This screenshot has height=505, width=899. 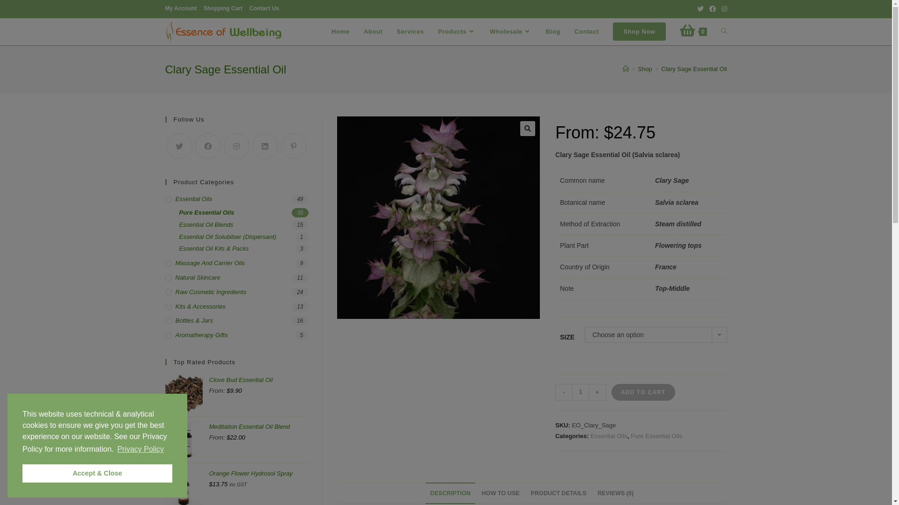 I want to click on 'Privacy Policy', so click(x=140, y=448).